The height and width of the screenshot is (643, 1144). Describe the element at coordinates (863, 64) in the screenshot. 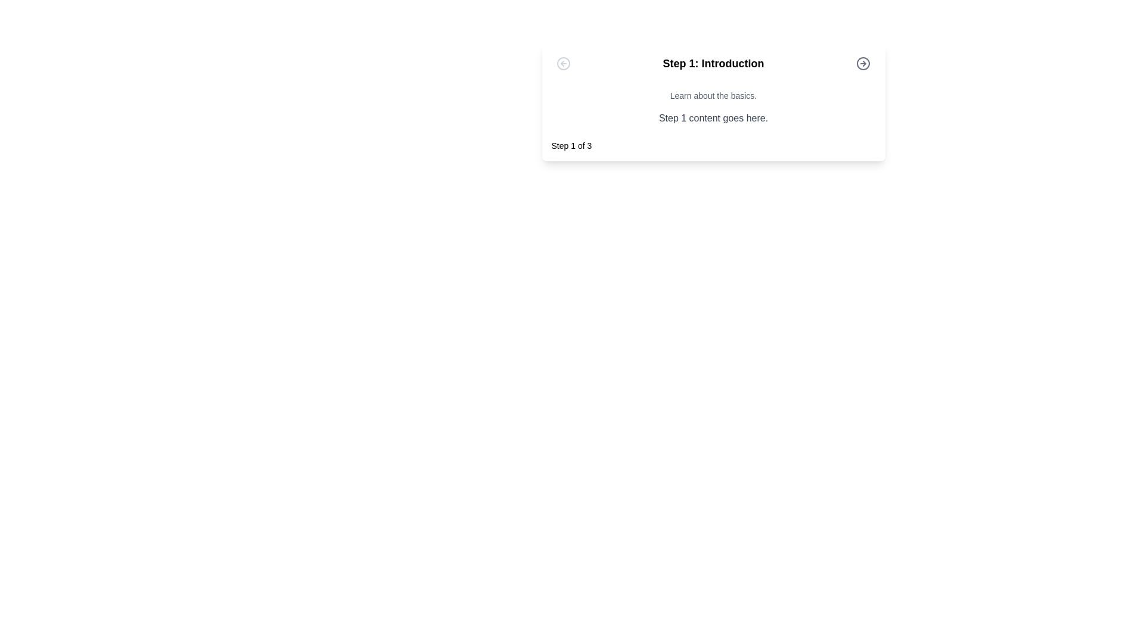

I see `the circular button with a right-pointing arrow located in the top-right corner of the card` at that location.